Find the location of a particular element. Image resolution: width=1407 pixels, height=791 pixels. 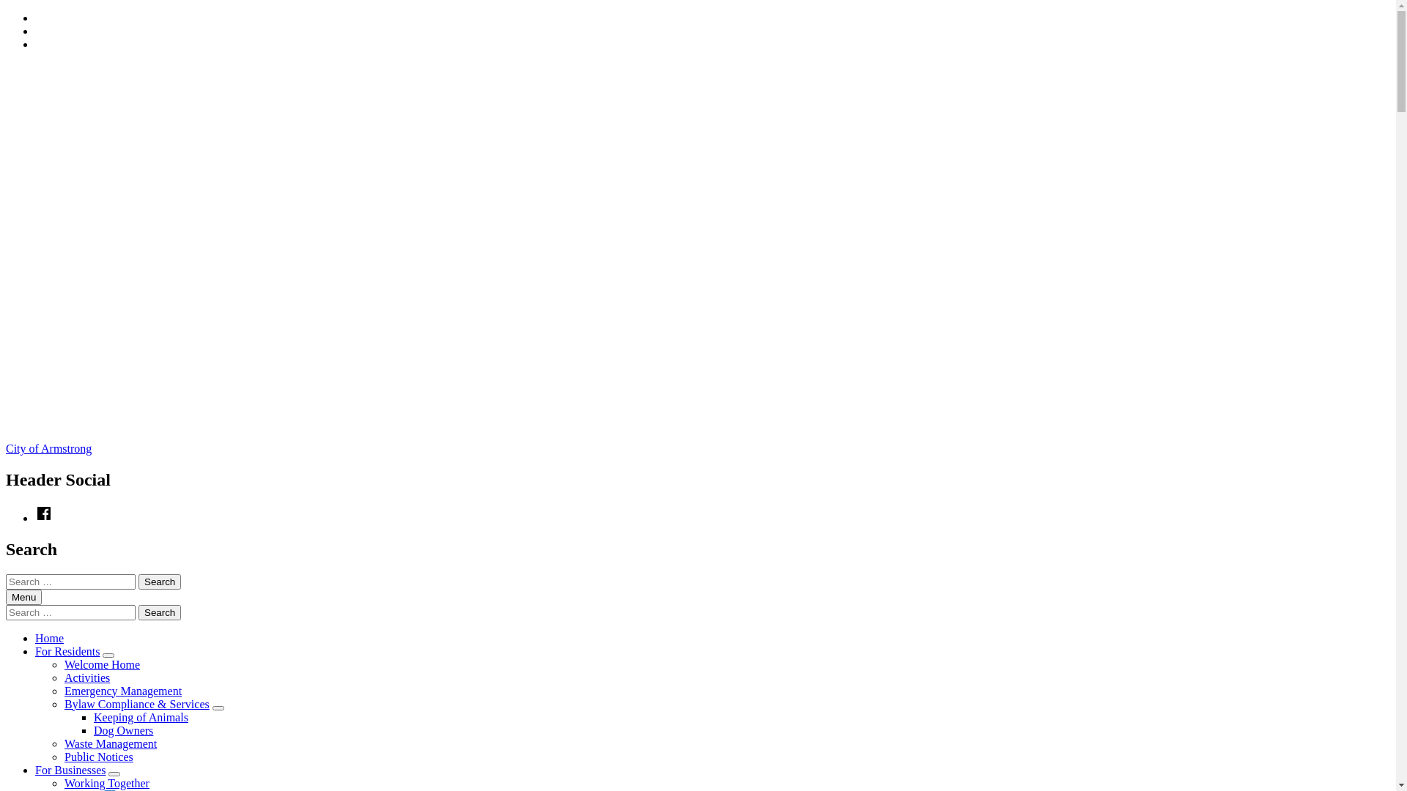

'Home' is located at coordinates (35, 637).